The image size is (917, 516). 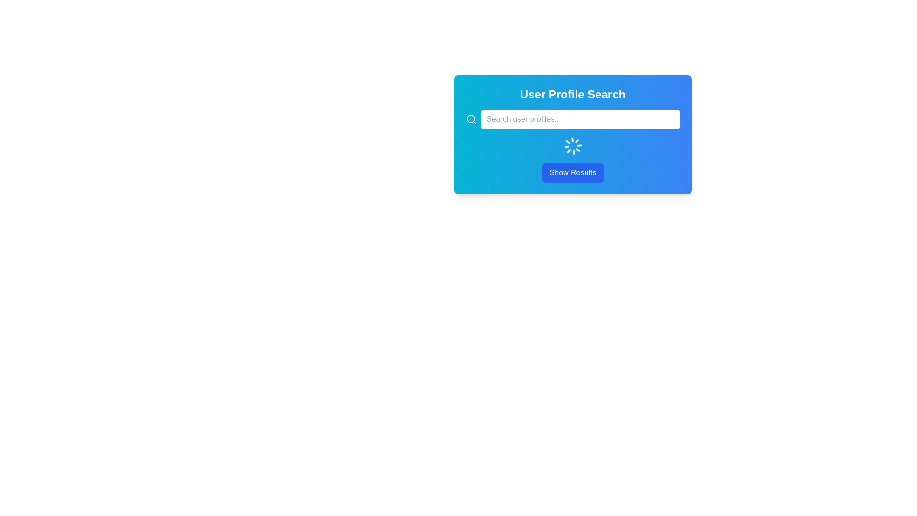 What do you see at coordinates (470, 118) in the screenshot?
I see `the decorative SVG circle element of the search icon located in the top-left corner of the 'User Profile Search' form card` at bounding box center [470, 118].